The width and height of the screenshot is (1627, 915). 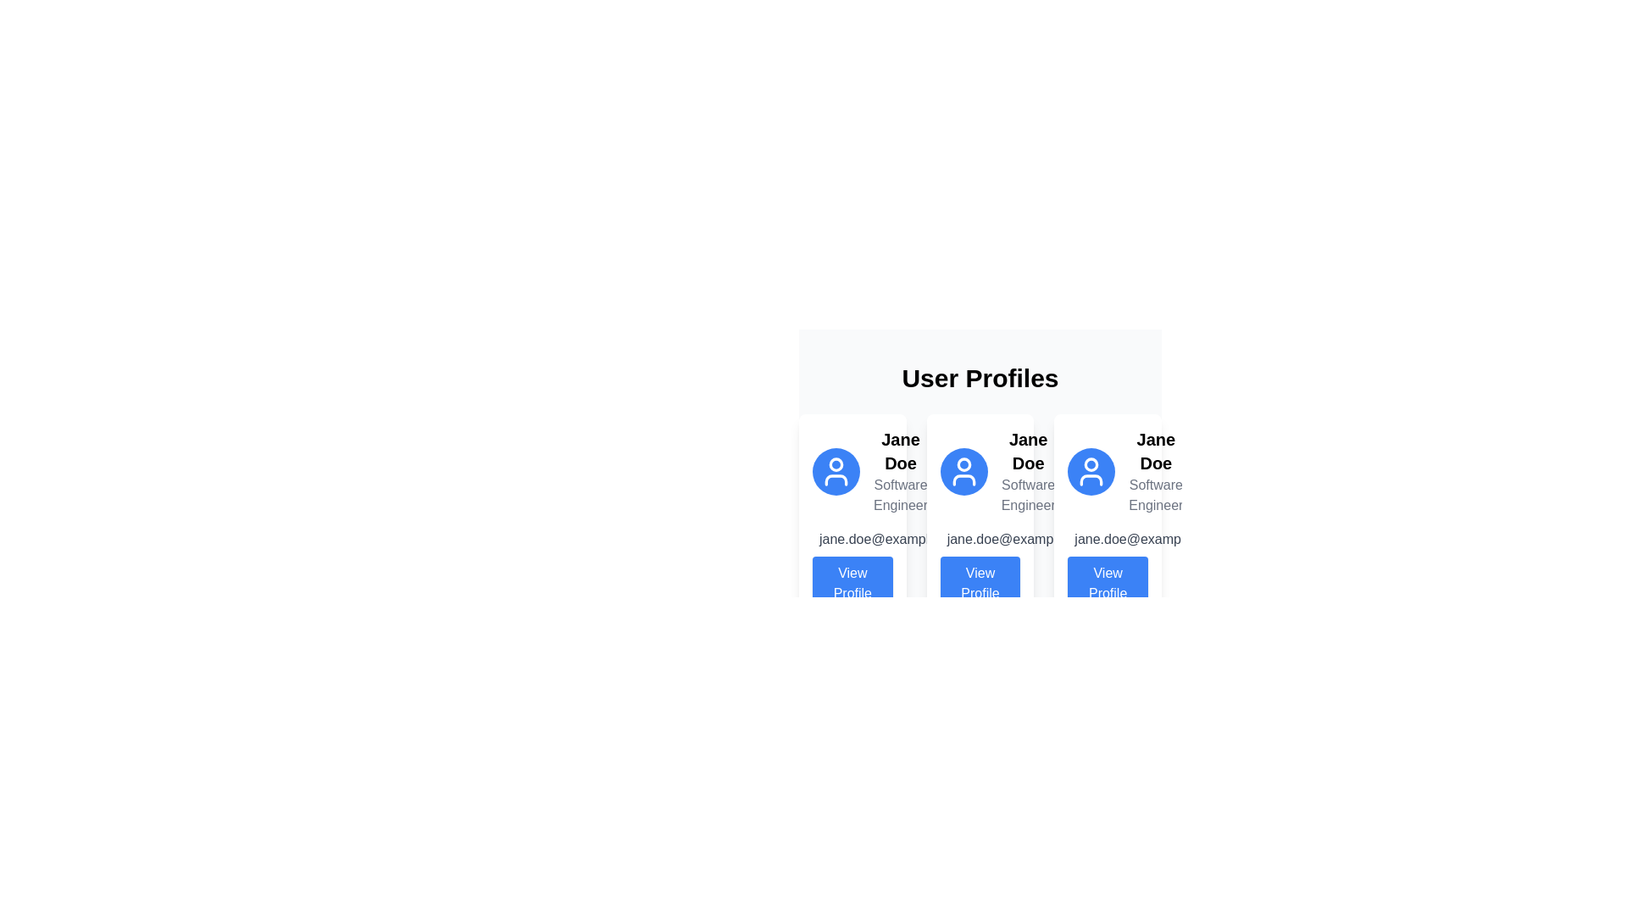 I want to click on the white outlined user icon located in the first user profile card of the 'User Profiles' section, which is centrally aligned within a blue circular background, so click(x=836, y=471).